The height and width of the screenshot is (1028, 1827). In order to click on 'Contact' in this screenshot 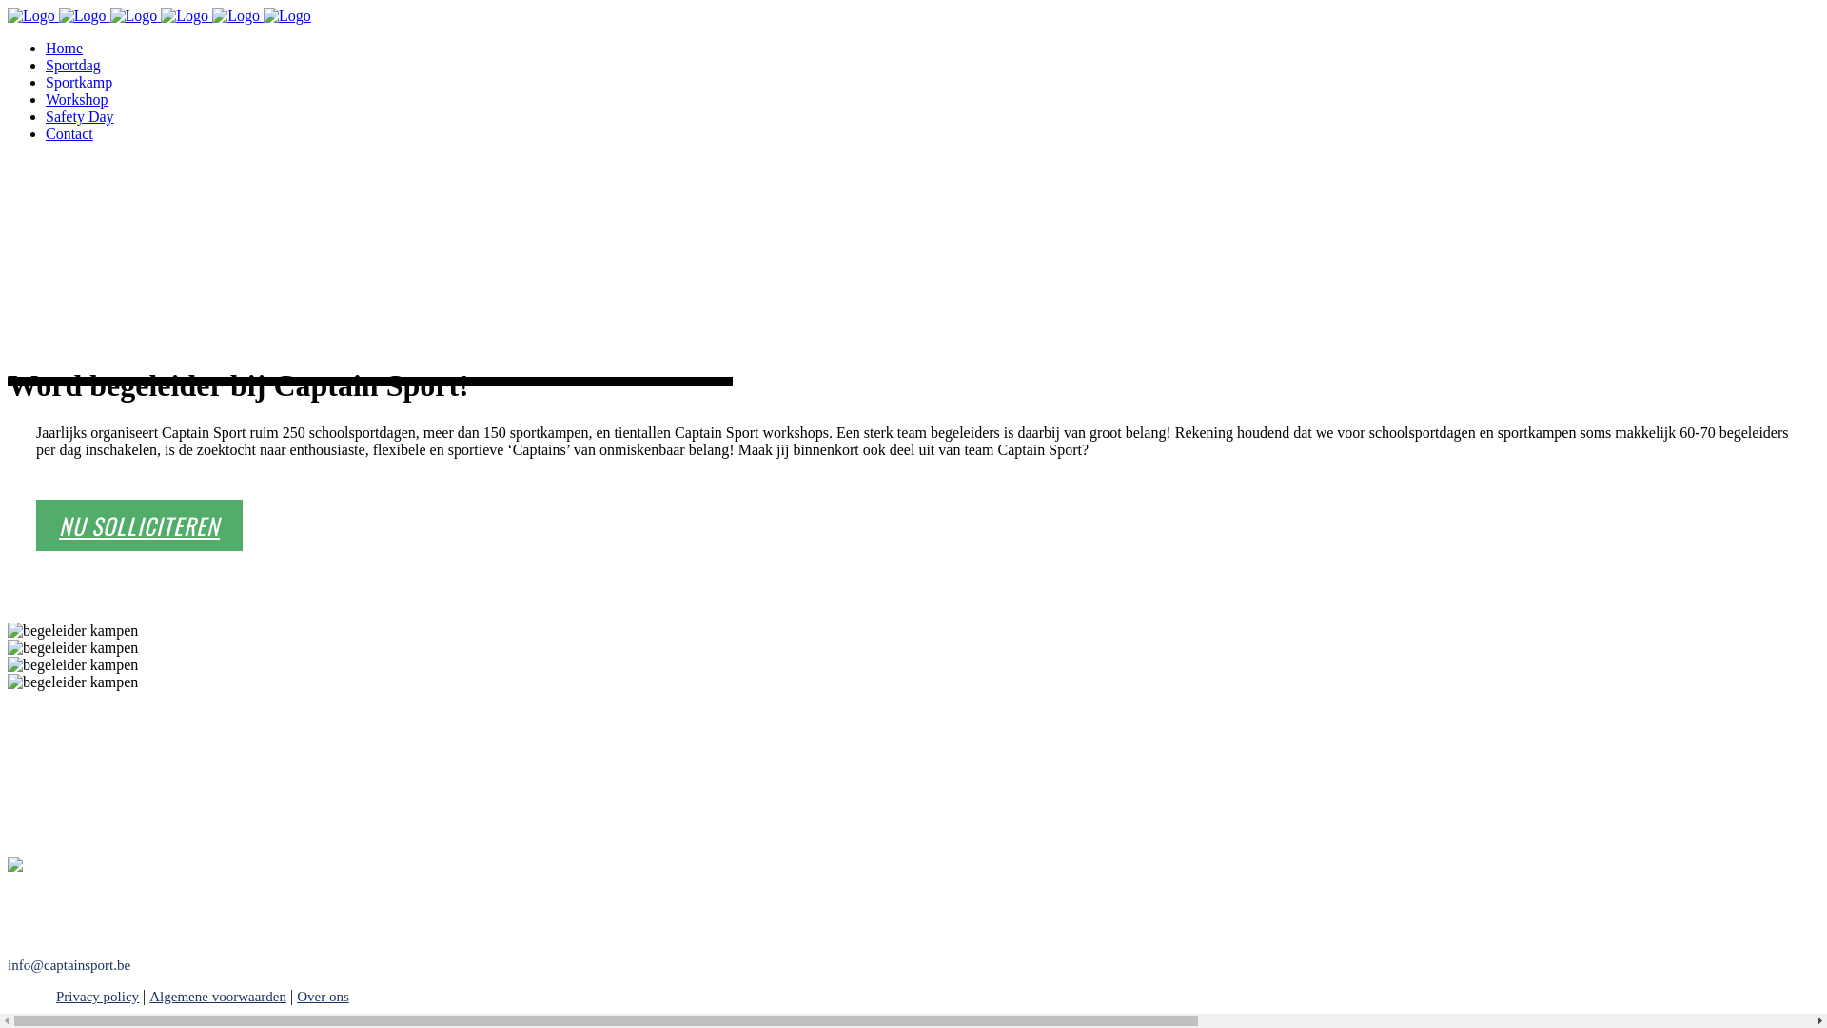, I will do `click(46, 132)`.